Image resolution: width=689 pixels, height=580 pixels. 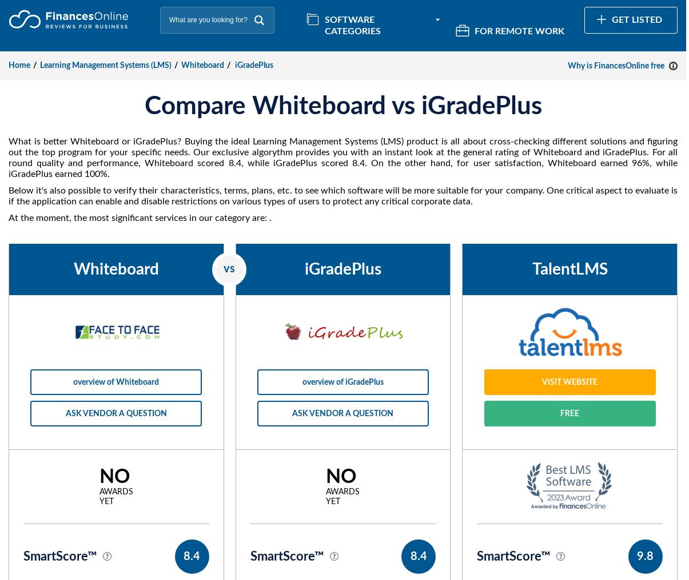 I want to click on 'overview of Whiteboard', so click(x=116, y=381).